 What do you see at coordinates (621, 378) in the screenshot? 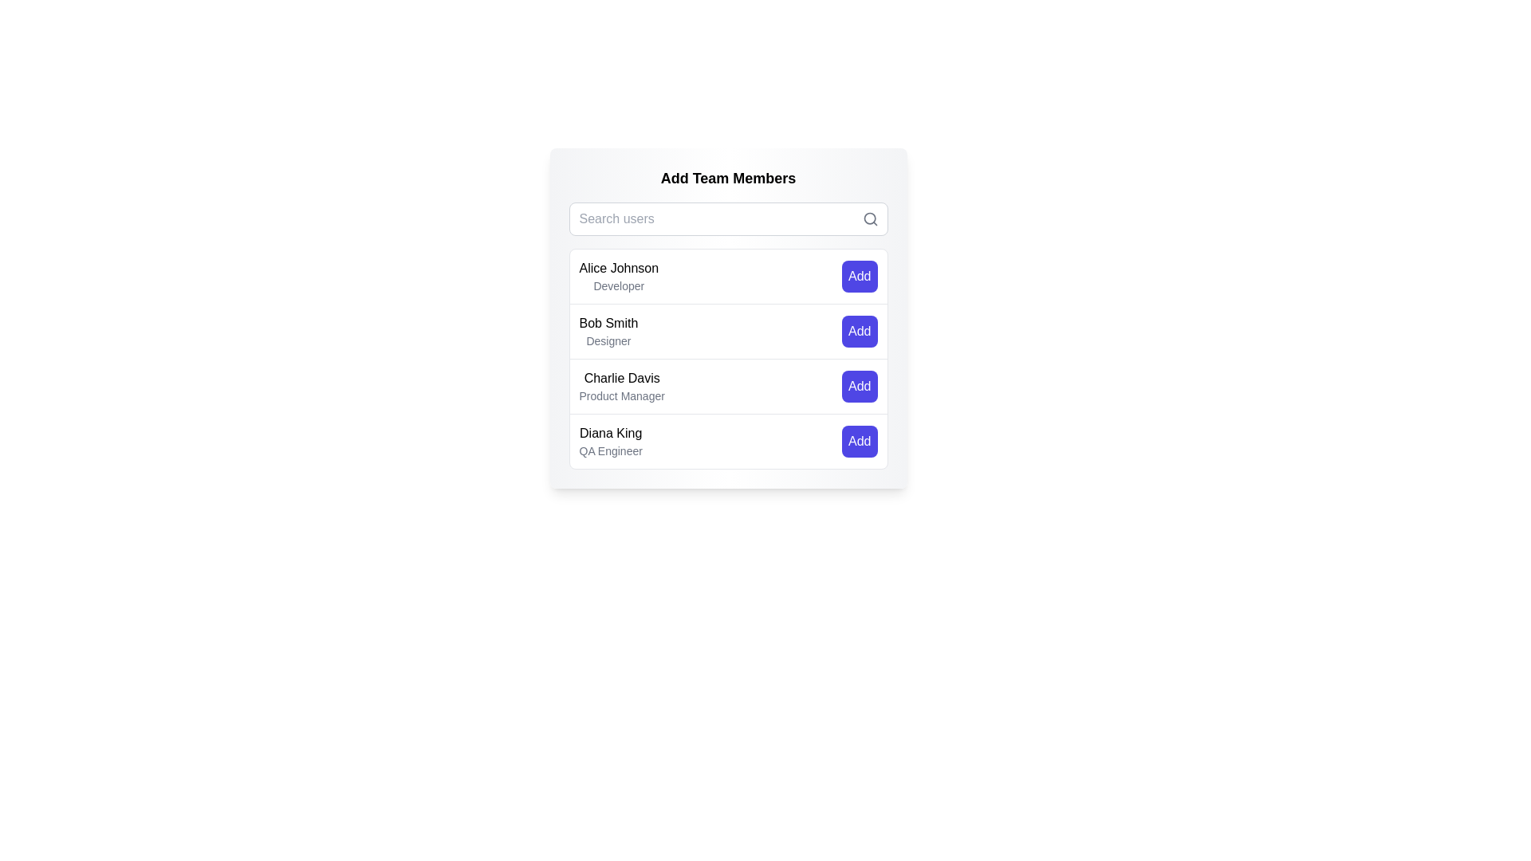
I see `the text label displaying 'Charlie Davis' to trigger any hover effects` at bounding box center [621, 378].